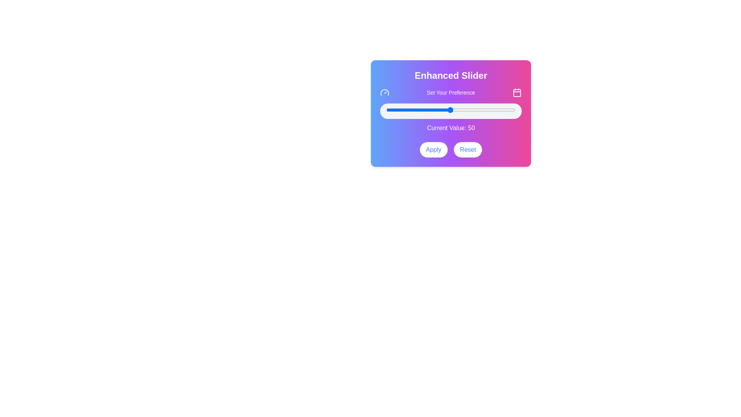 The width and height of the screenshot is (741, 417). Describe the element at coordinates (433, 110) in the screenshot. I see `the slider` at that location.